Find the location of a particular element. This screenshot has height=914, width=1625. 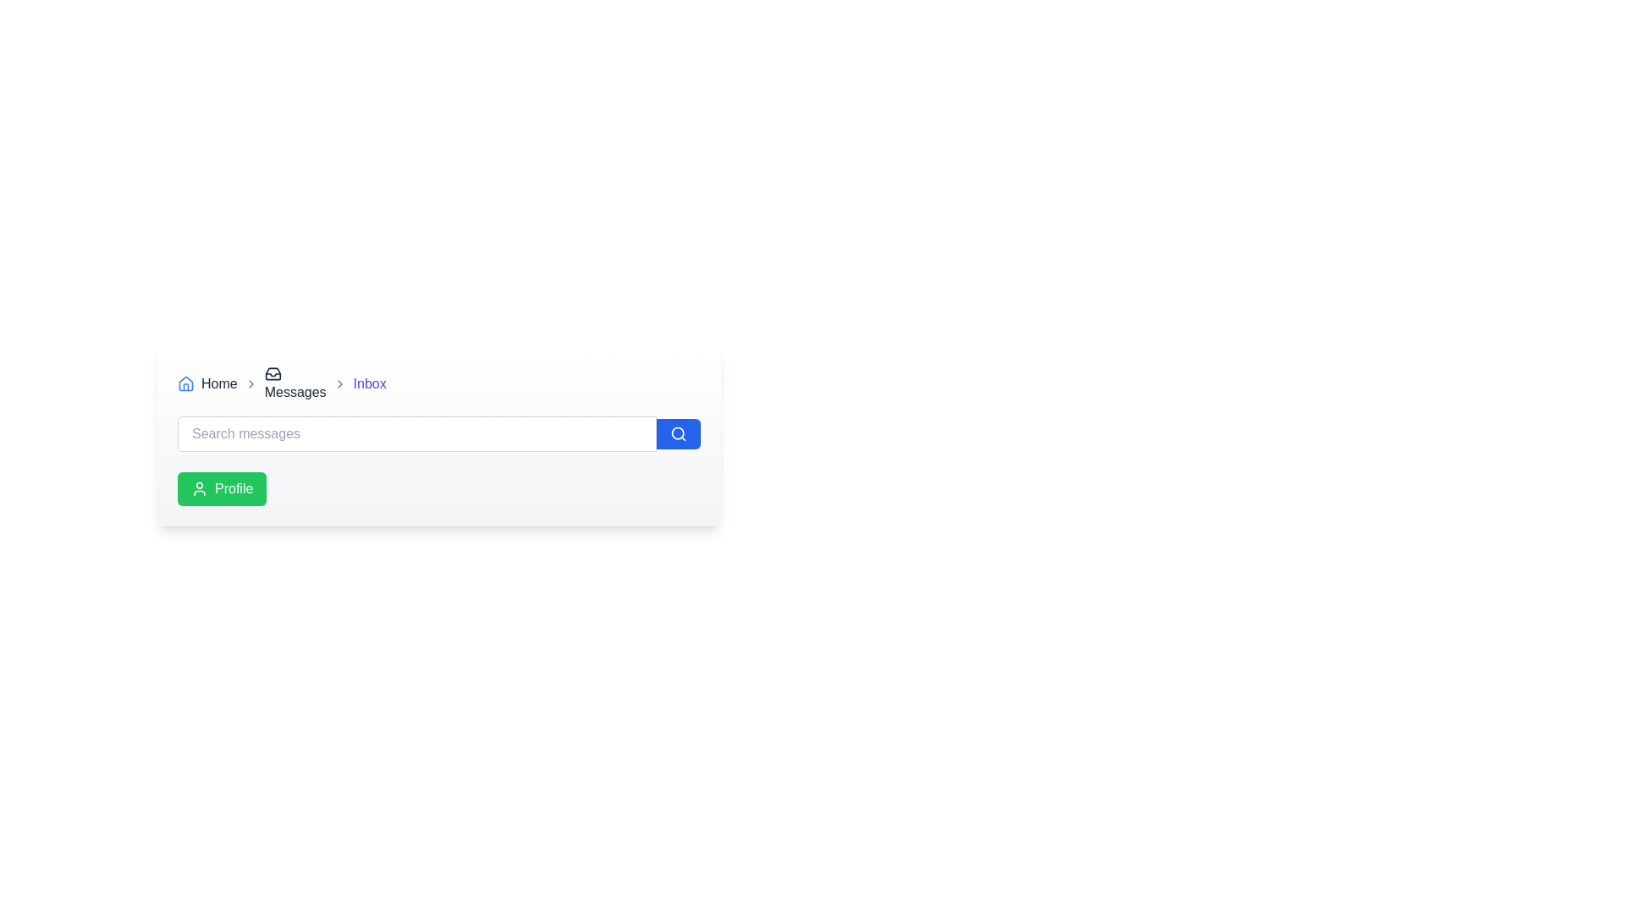

the magnifying glass icon with a blue outline located on a blue rectangular button in the top-right corner of the interface is located at coordinates (678, 433).